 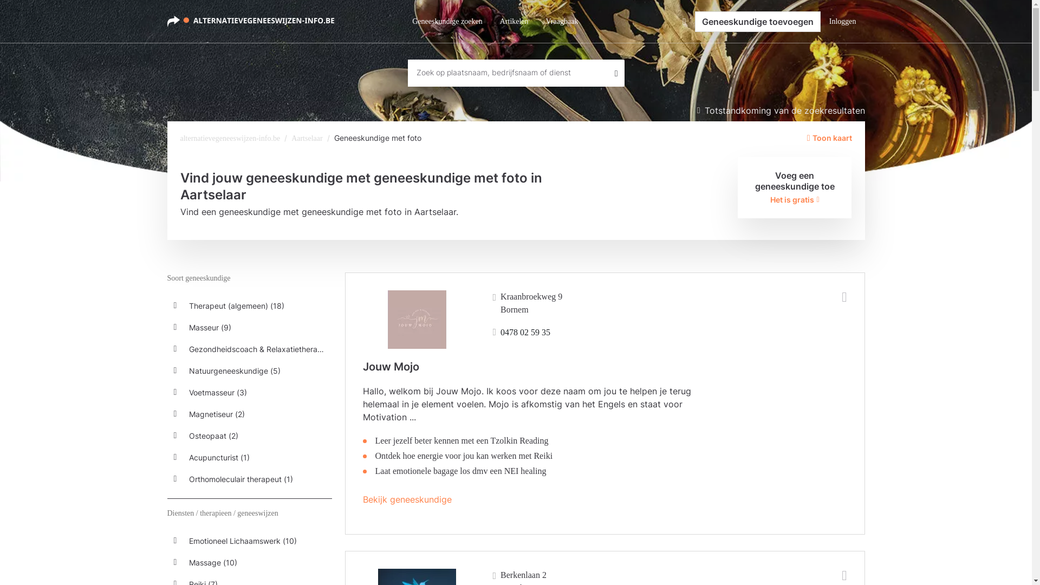 What do you see at coordinates (249, 305) in the screenshot?
I see `'Therapeut (algemeen) (18)'` at bounding box center [249, 305].